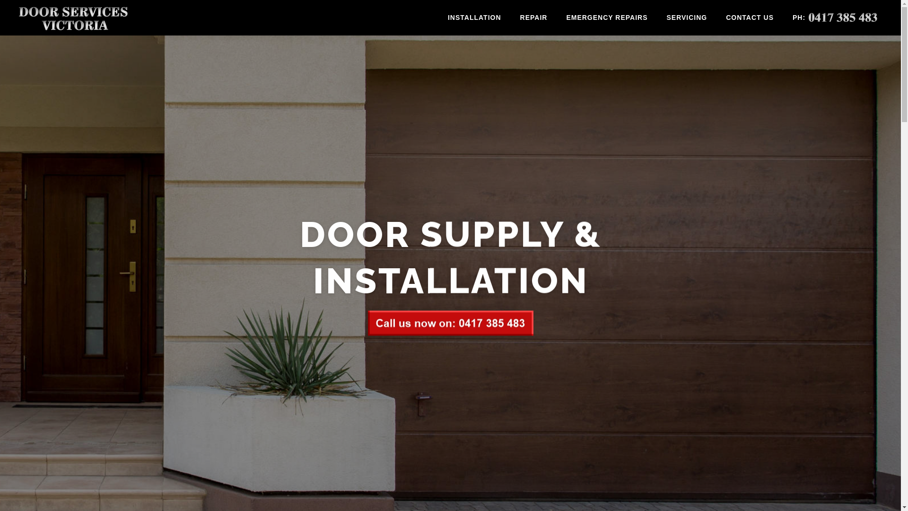 The height and width of the screenshot is (511, 908). I want to click on 'CONTACT US', so click(749, 18).